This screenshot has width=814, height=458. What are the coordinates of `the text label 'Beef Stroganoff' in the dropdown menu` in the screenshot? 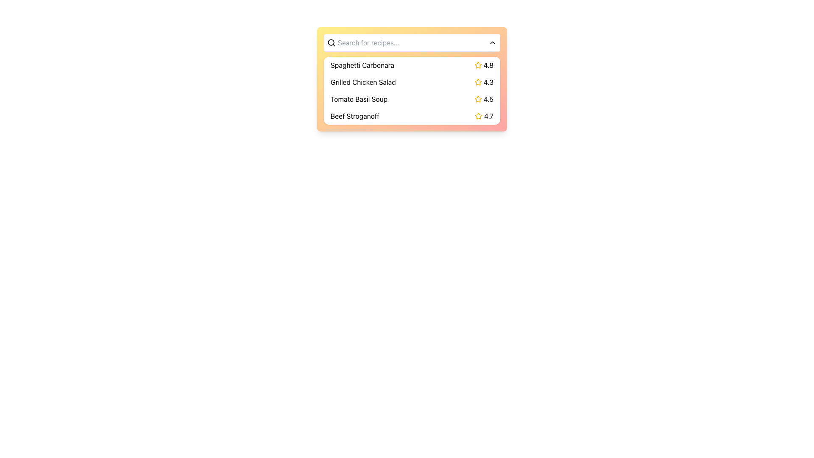 It's located at (355, 116).